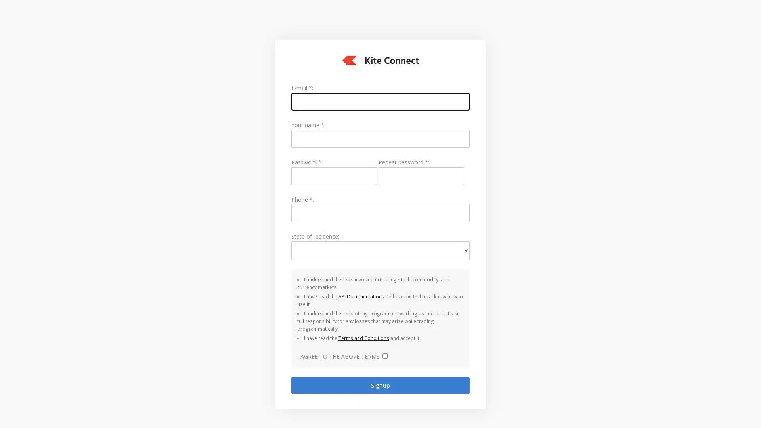  I want to click on Signup, so click(380, 385).